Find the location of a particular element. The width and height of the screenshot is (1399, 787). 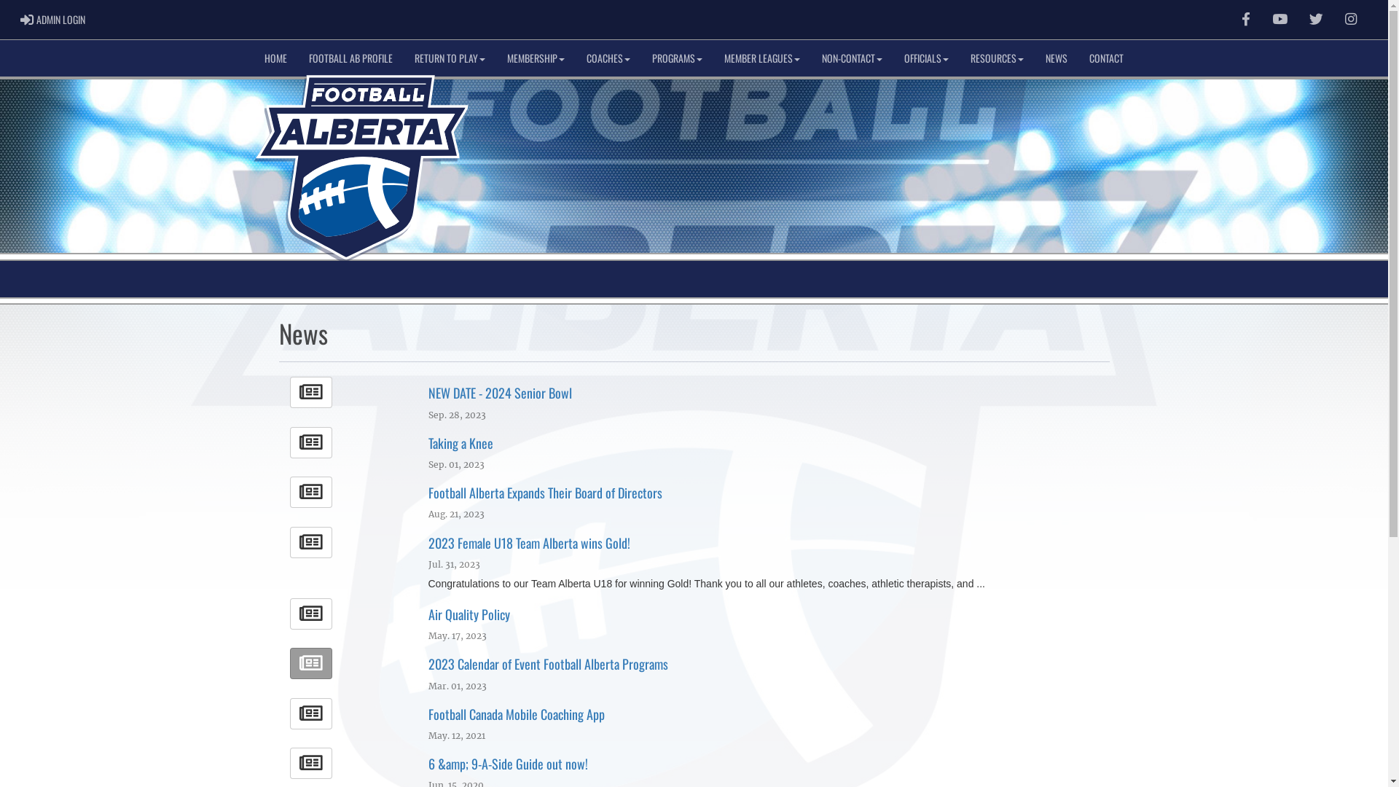

'like us' is located at coordinates (1245, 19).